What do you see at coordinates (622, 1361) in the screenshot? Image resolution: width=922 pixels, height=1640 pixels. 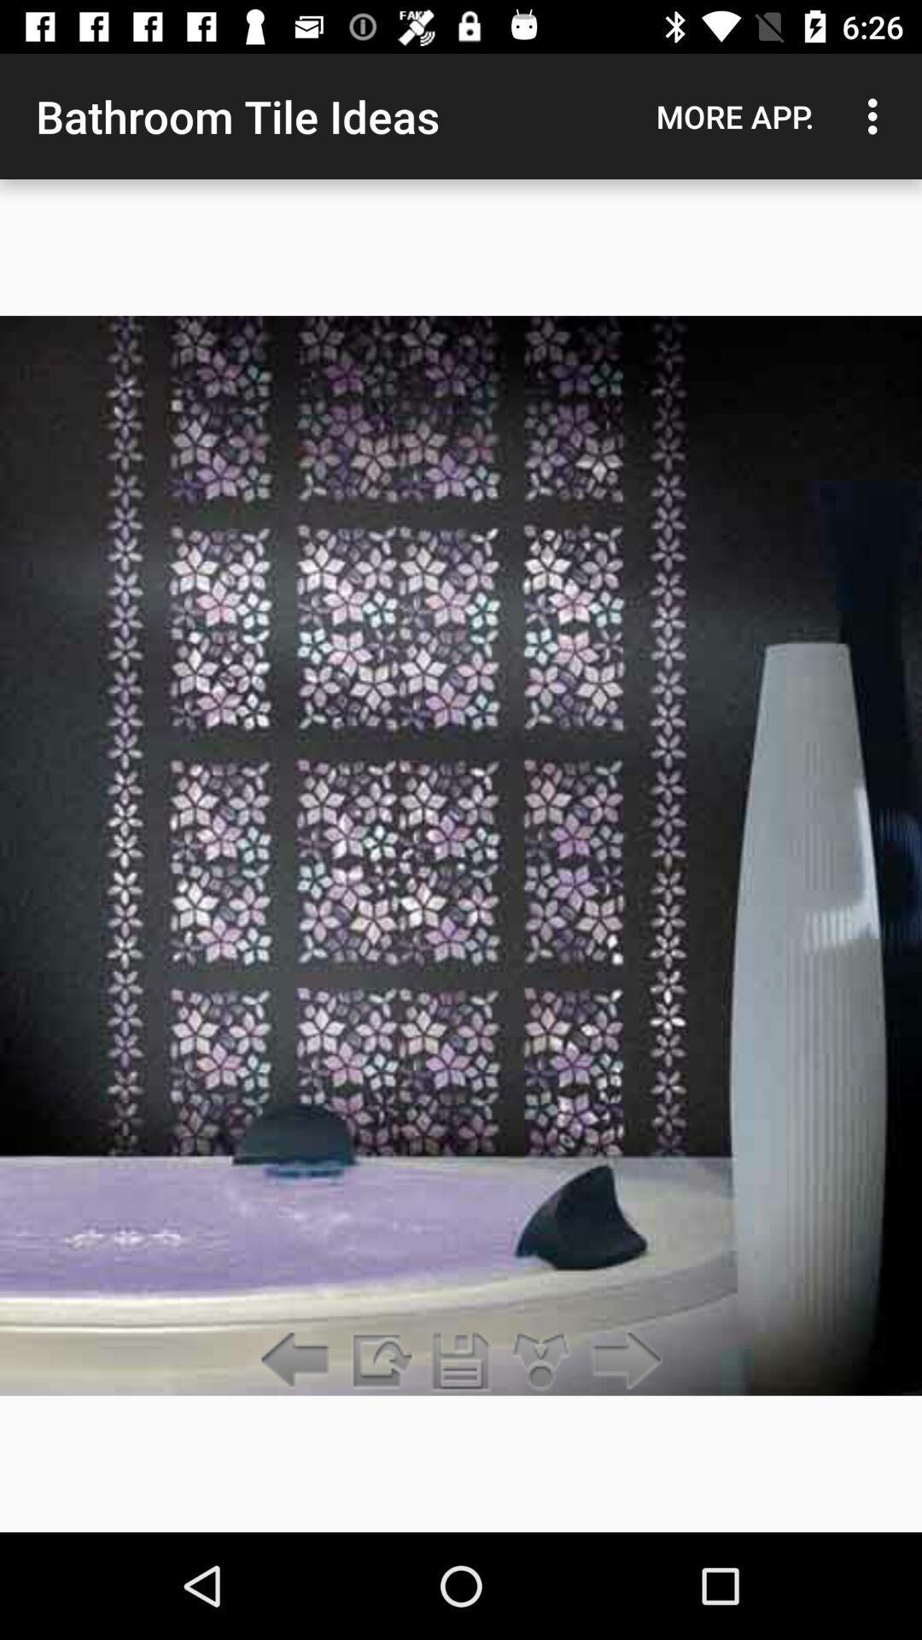 I see `the arrow_forward icon` at bounding box center [622, 1361].